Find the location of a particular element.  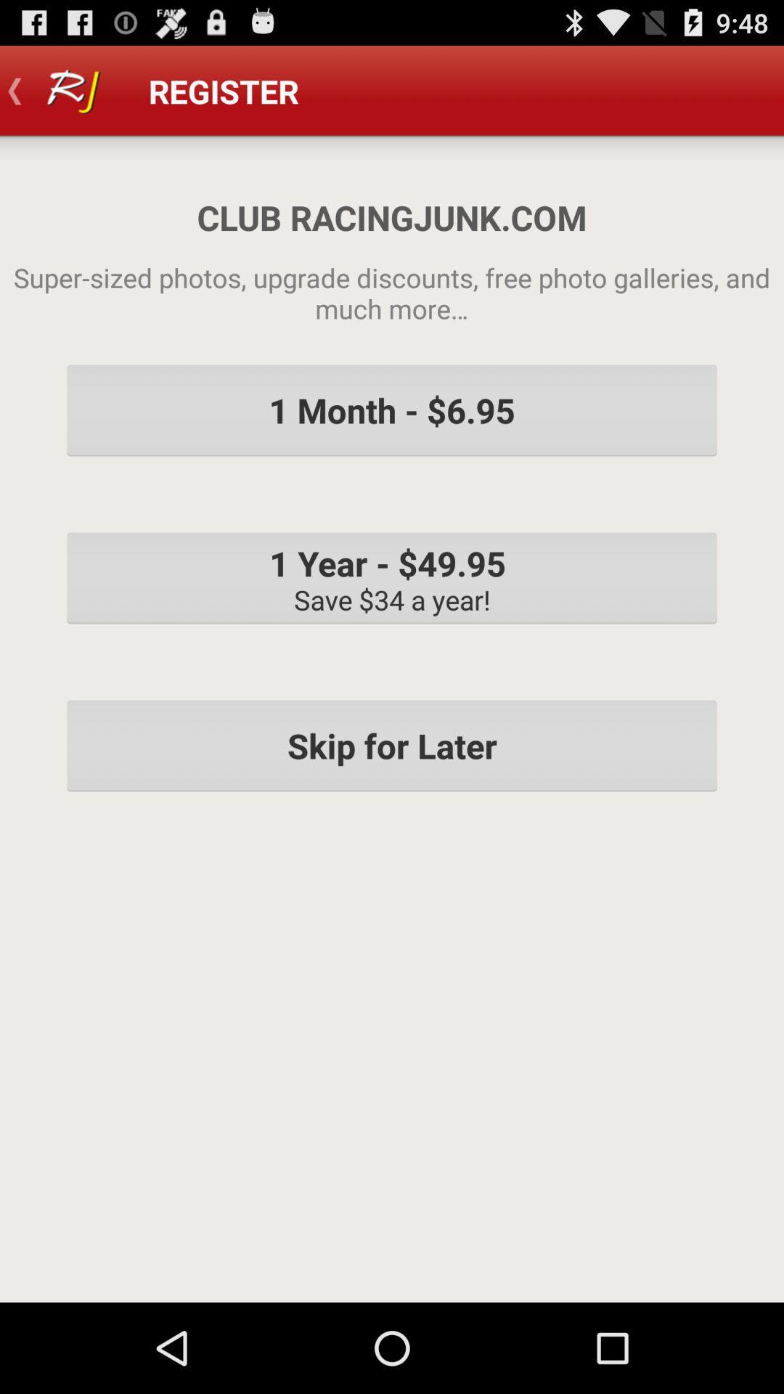

the icon below 1 year 49 button is located at coordinates (392, 746).